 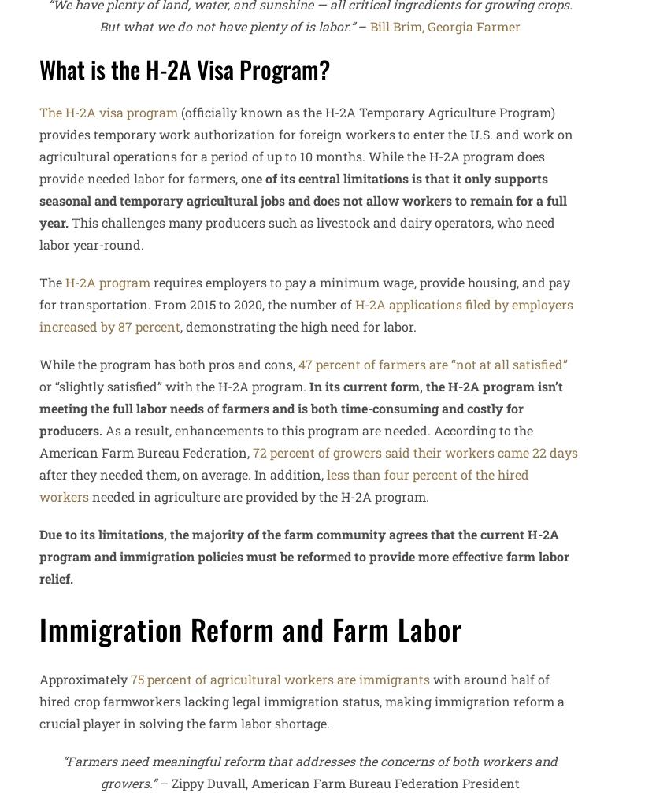 I want to click on '“Farmers need meaningful reform that addresses the concerns of both workers and growers.”', so click(x=62, y=771).